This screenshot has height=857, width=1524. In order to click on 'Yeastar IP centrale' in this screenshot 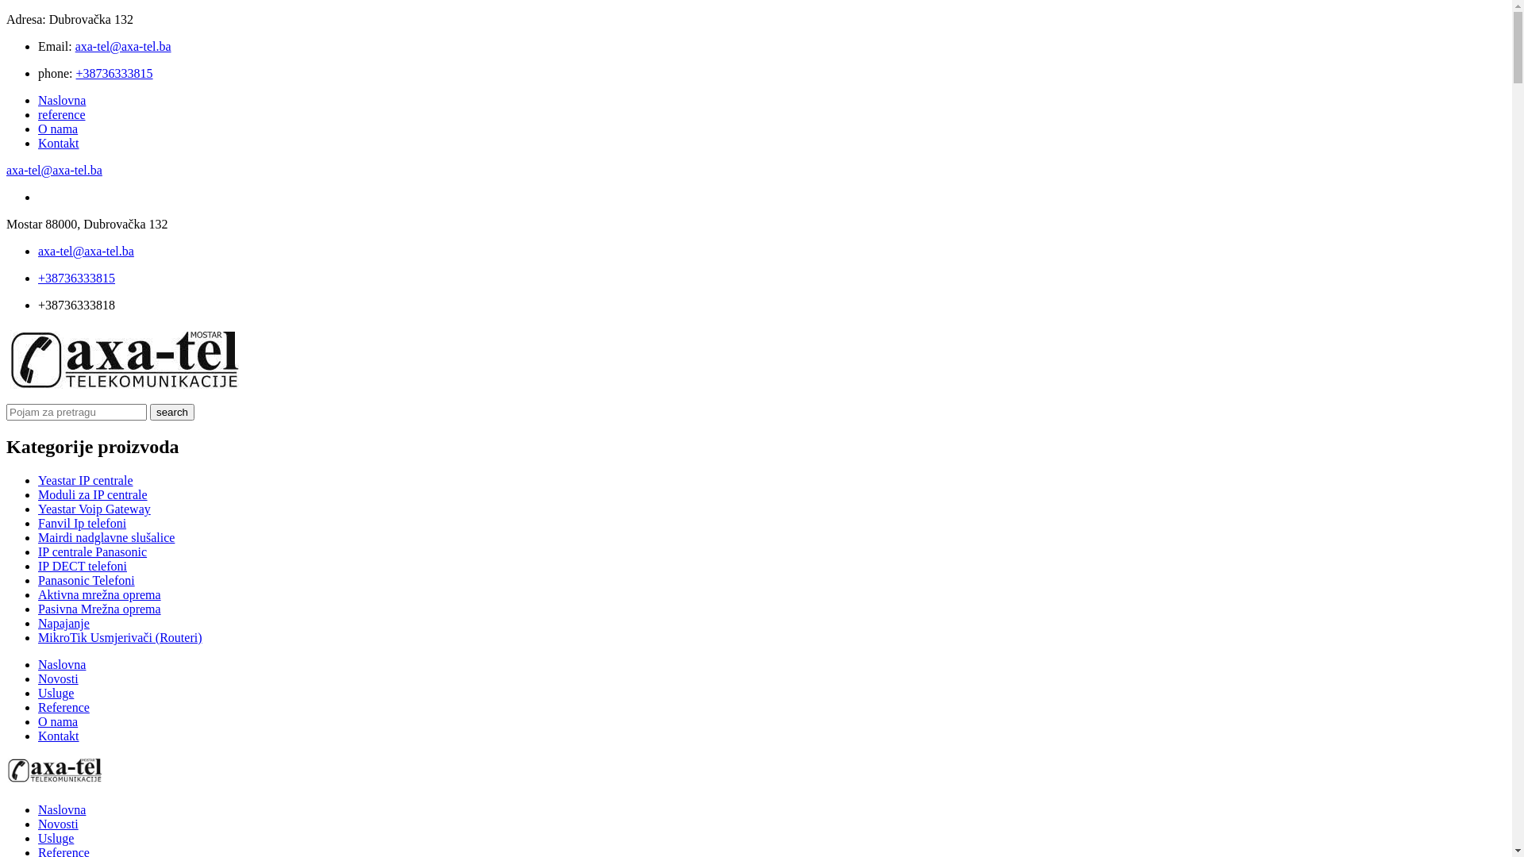, I will do `click(84, 479)`.